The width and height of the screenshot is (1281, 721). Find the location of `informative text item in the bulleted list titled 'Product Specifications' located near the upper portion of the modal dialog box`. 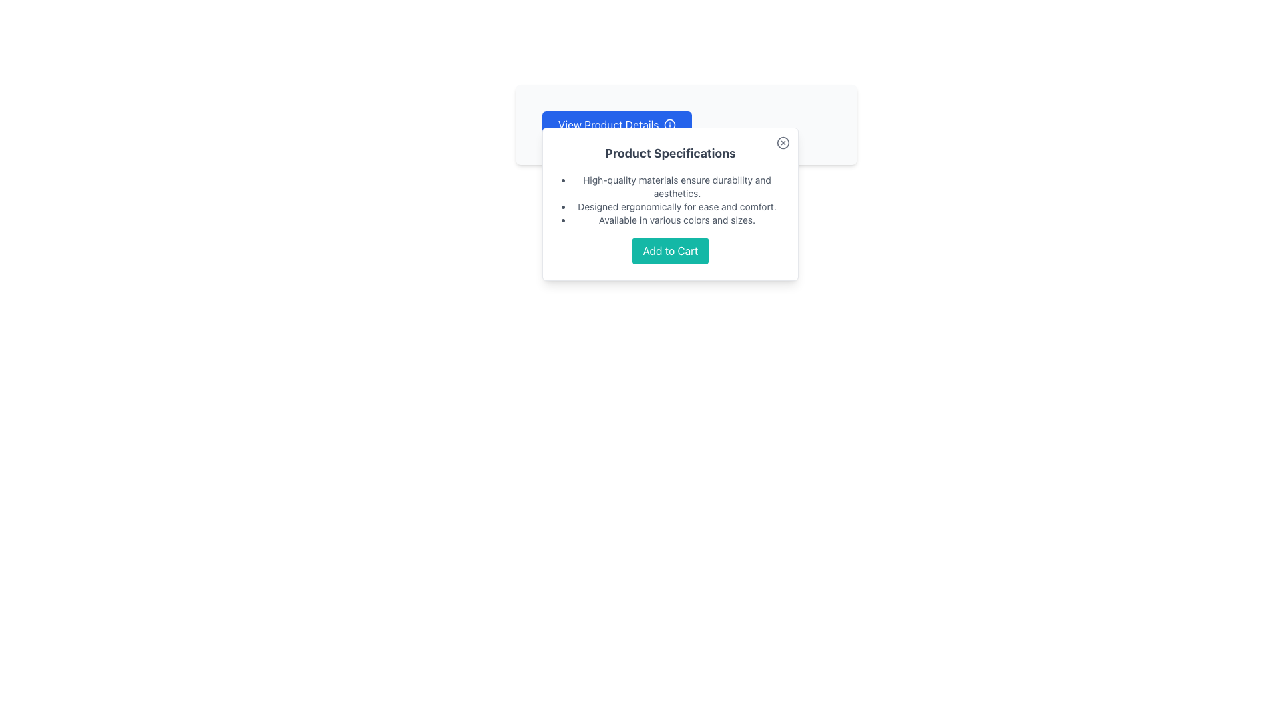

informative text item in the bulleted list titled 'Product Specifications' located near the upper portion of the modal dialog box is located at coordinates (677, 187).